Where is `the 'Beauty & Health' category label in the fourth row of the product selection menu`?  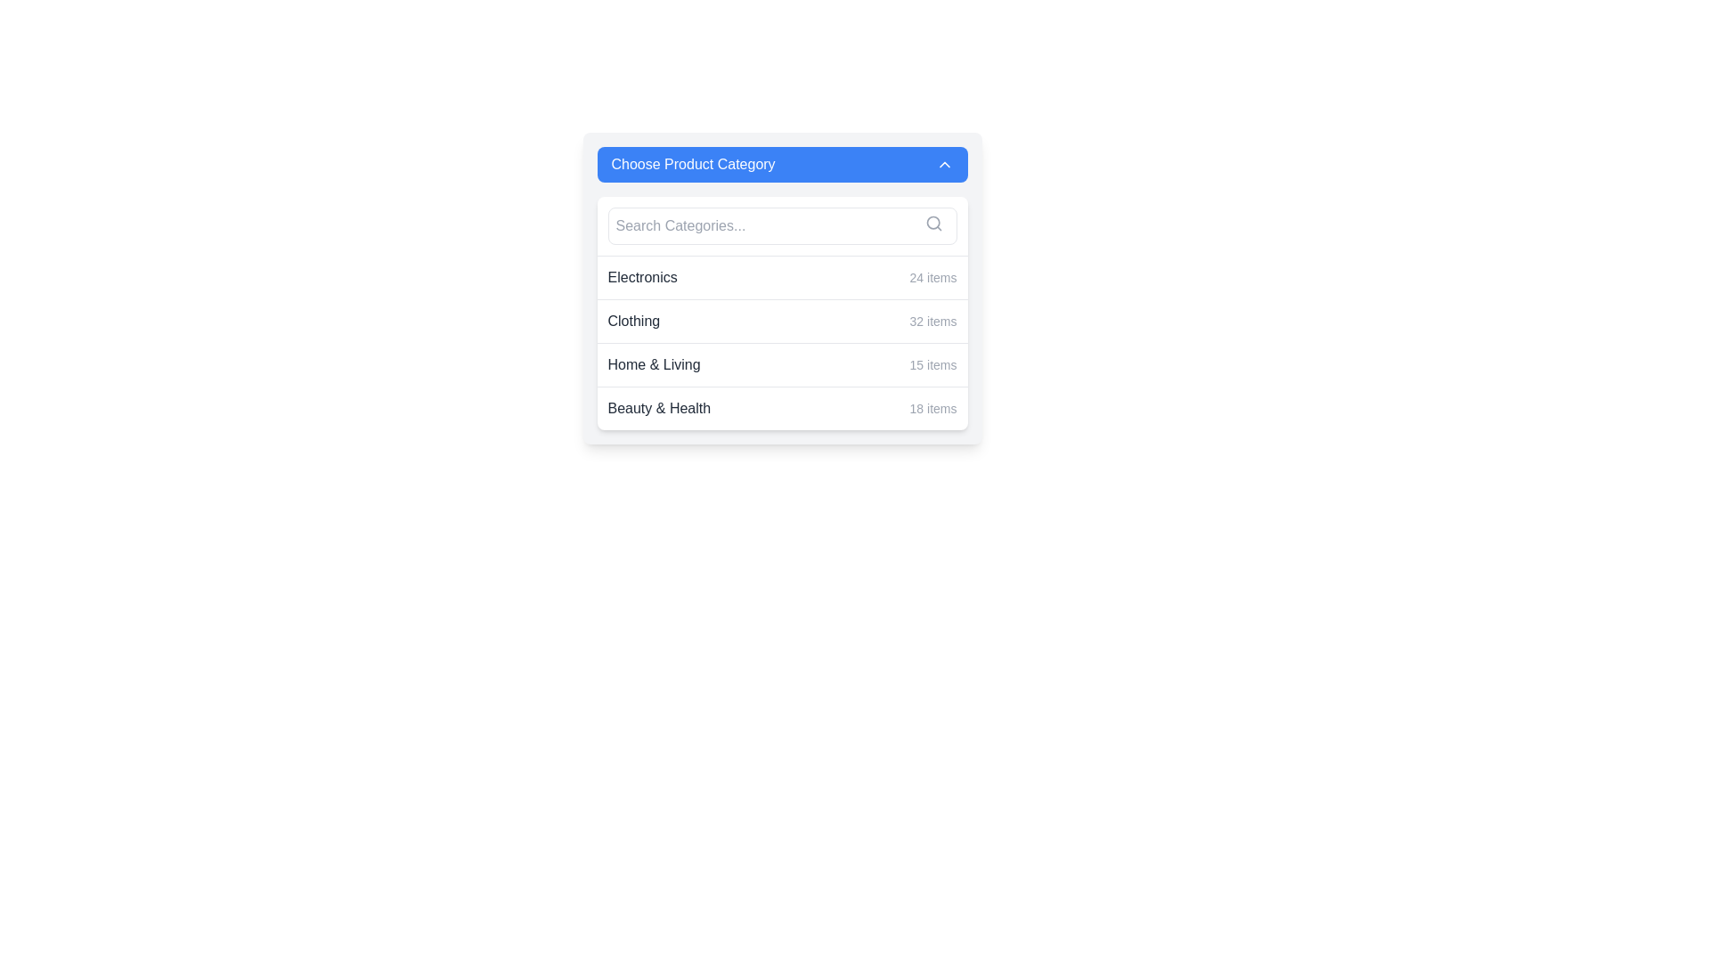
the 'Beauty & Health' category label in the fourth row of the product selection menu is located at coordinates (658, 409).